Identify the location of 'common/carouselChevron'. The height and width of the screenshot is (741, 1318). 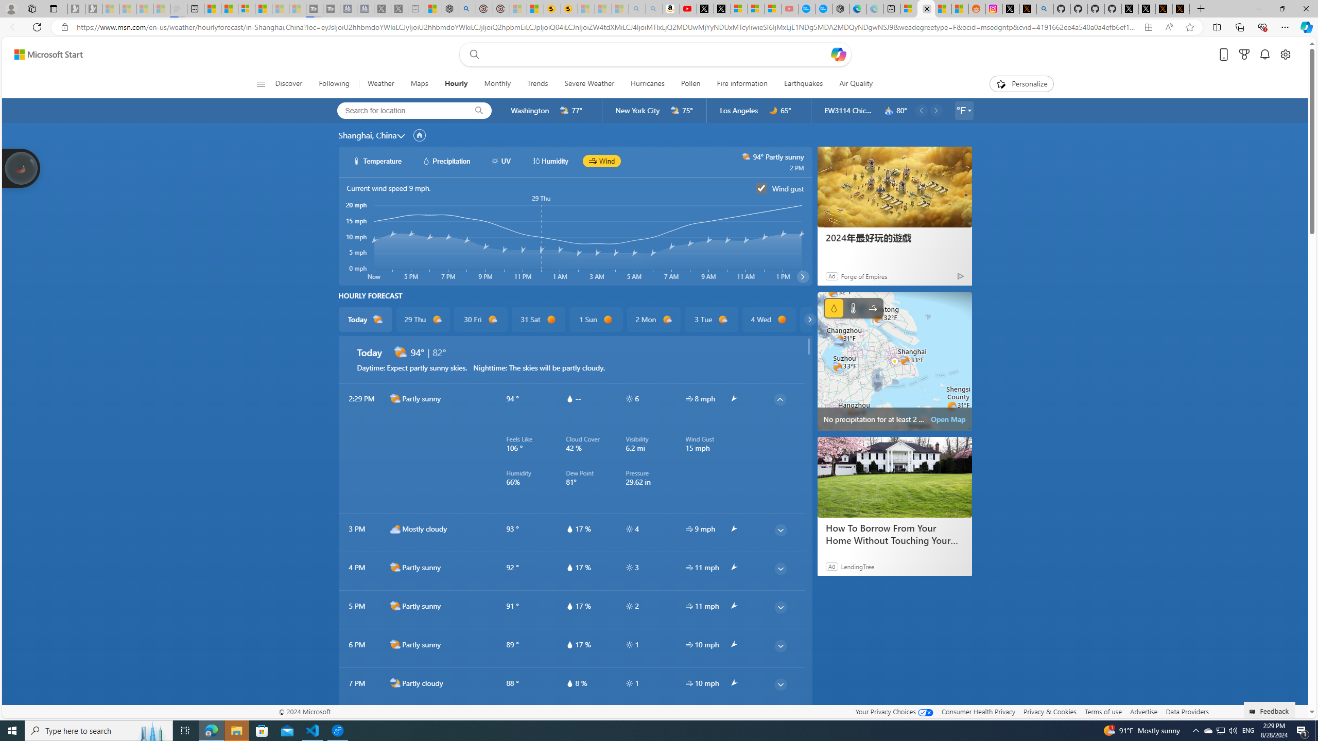
(810, 319).